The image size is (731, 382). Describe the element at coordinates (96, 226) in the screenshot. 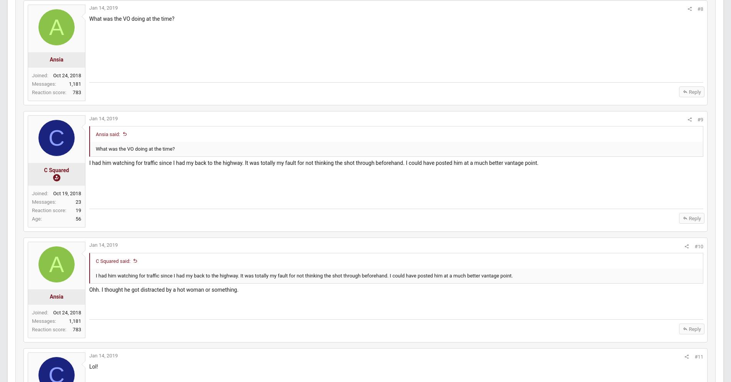

I see `'56'` at that location.